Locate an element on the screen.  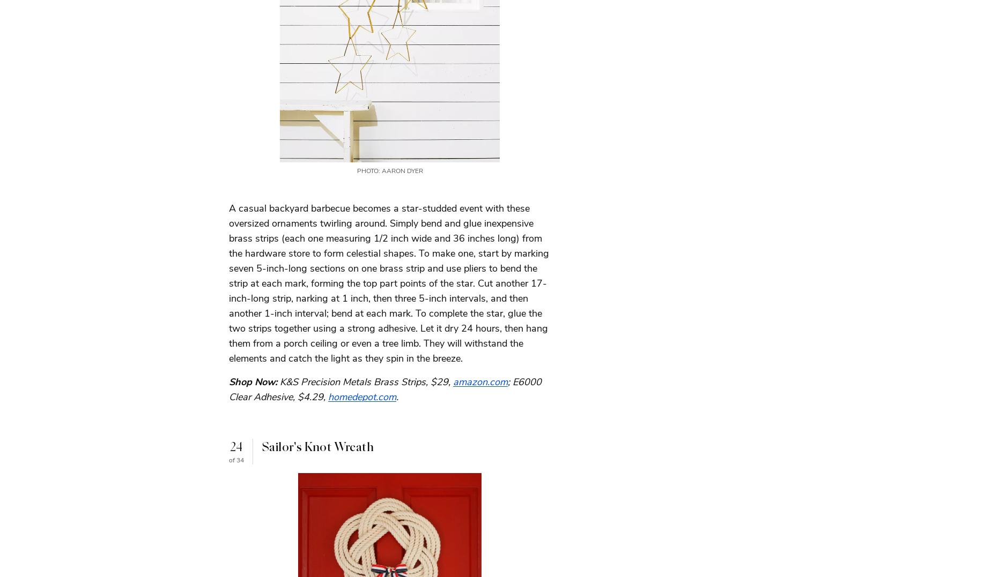
'amazon.com' is located at coordinates (453, 381).